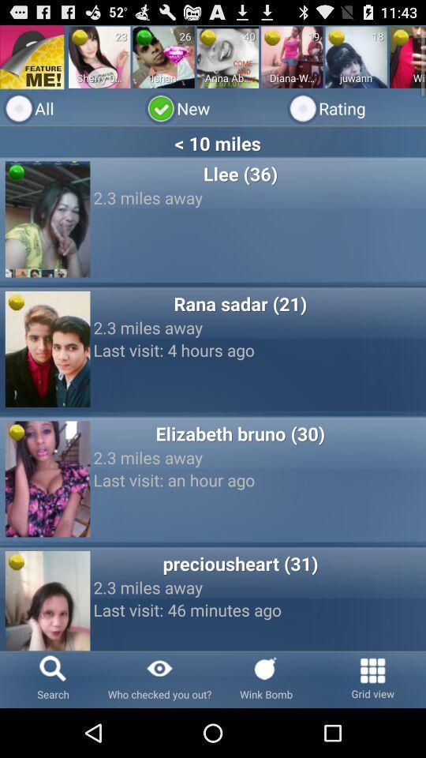 This screenshot has width=426, height=758. I want to click on the item to the left of the 18 app, so click(335, 36).